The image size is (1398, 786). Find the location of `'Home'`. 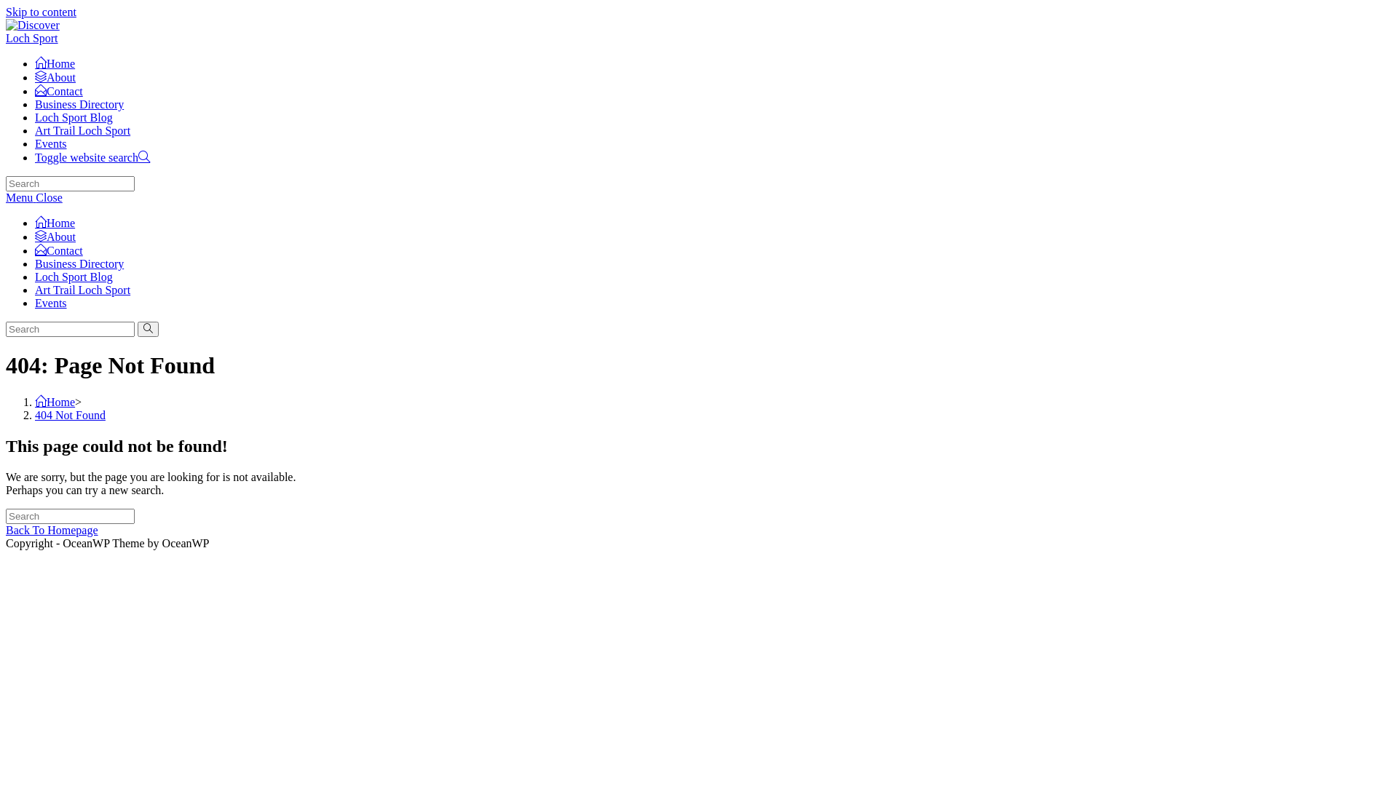

'Home' is located at coordinates (55, 402).